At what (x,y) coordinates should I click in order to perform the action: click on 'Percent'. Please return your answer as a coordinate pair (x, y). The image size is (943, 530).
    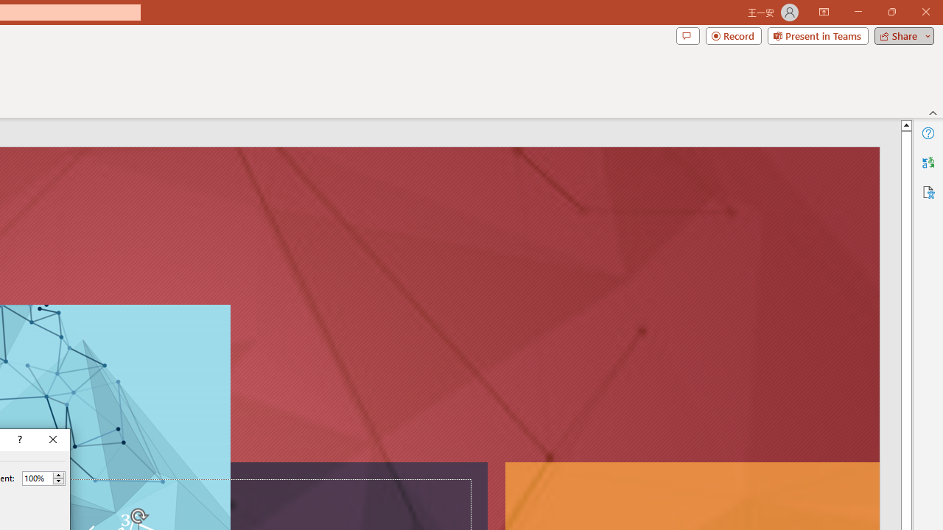
    Looking at the image, I should click on (37, 478).